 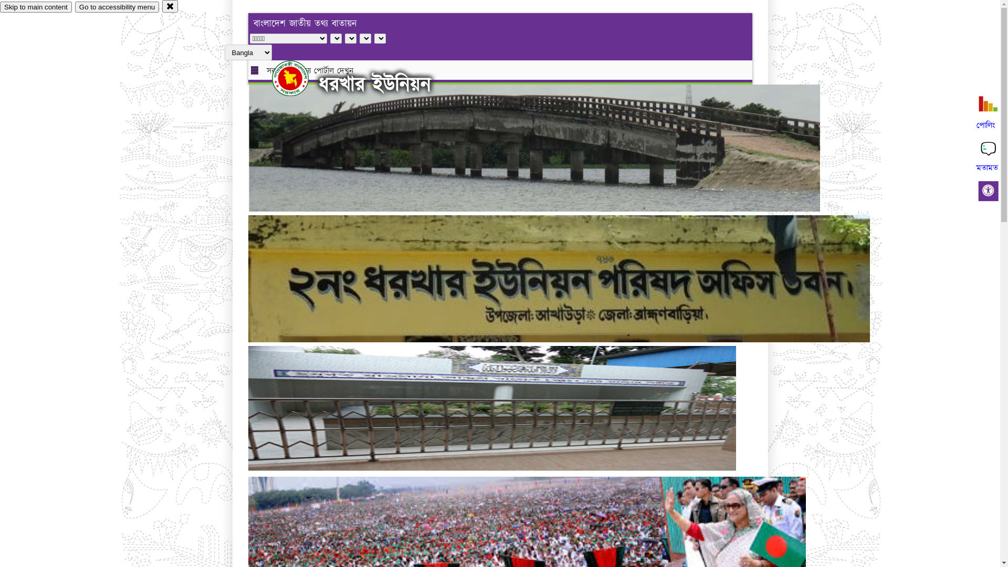 What do you see at coordinates (117, 7) in the screenshot?
I see `'Go to accessibility menu'` at bounding box center [117, 7].